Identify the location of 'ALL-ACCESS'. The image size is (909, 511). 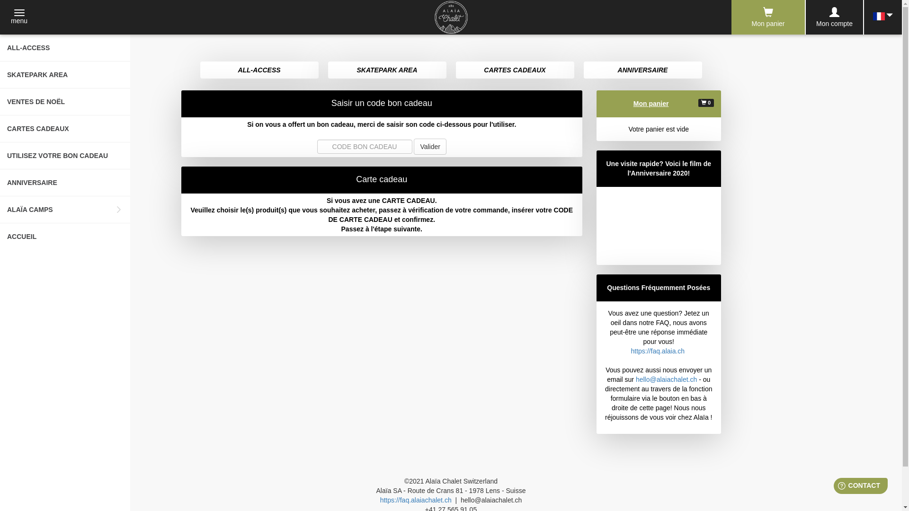
(64, 48).